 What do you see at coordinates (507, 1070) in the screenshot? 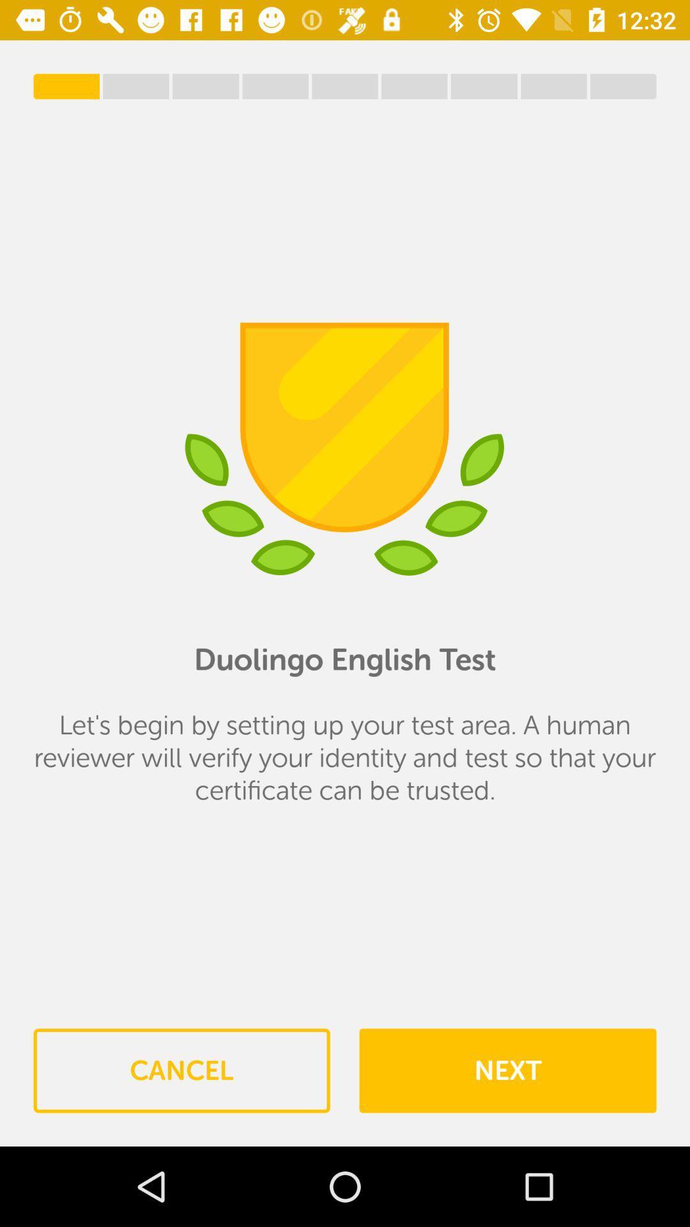
I see `the next at the bottom right corner` at bounding box center [507, 1070].